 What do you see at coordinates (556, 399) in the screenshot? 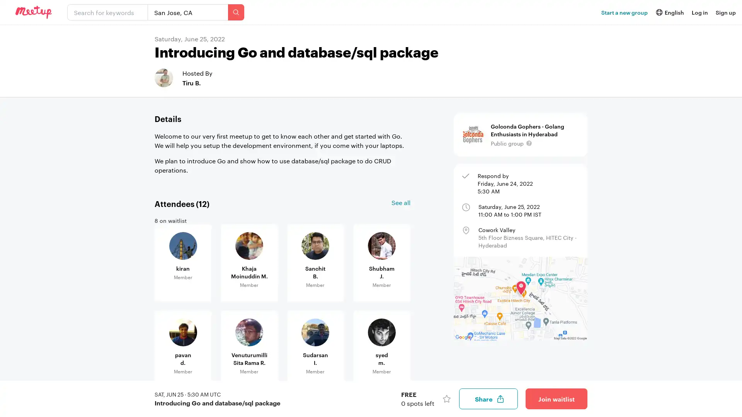
I see `Join waitlist` at bounding box center [556, 399].